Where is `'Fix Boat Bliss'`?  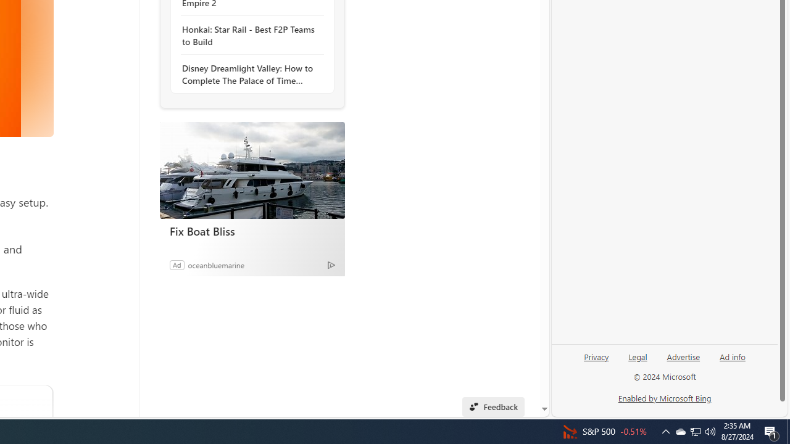 'Fix Boat Bliss' is located at coordinates (251, 170).